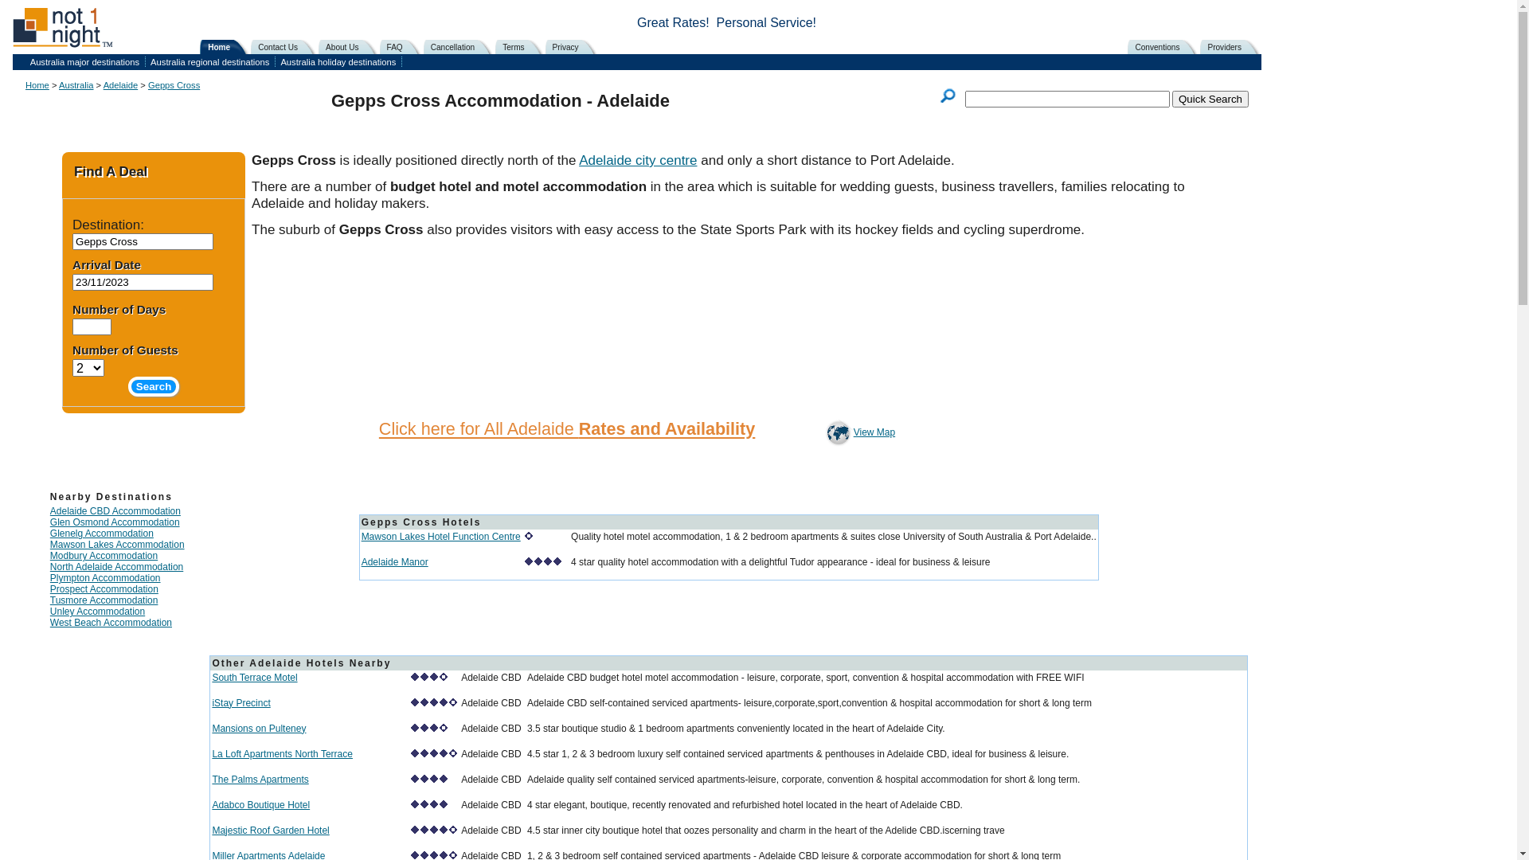  I want to click on 'Prospect Accommodation', so click(103, 589).